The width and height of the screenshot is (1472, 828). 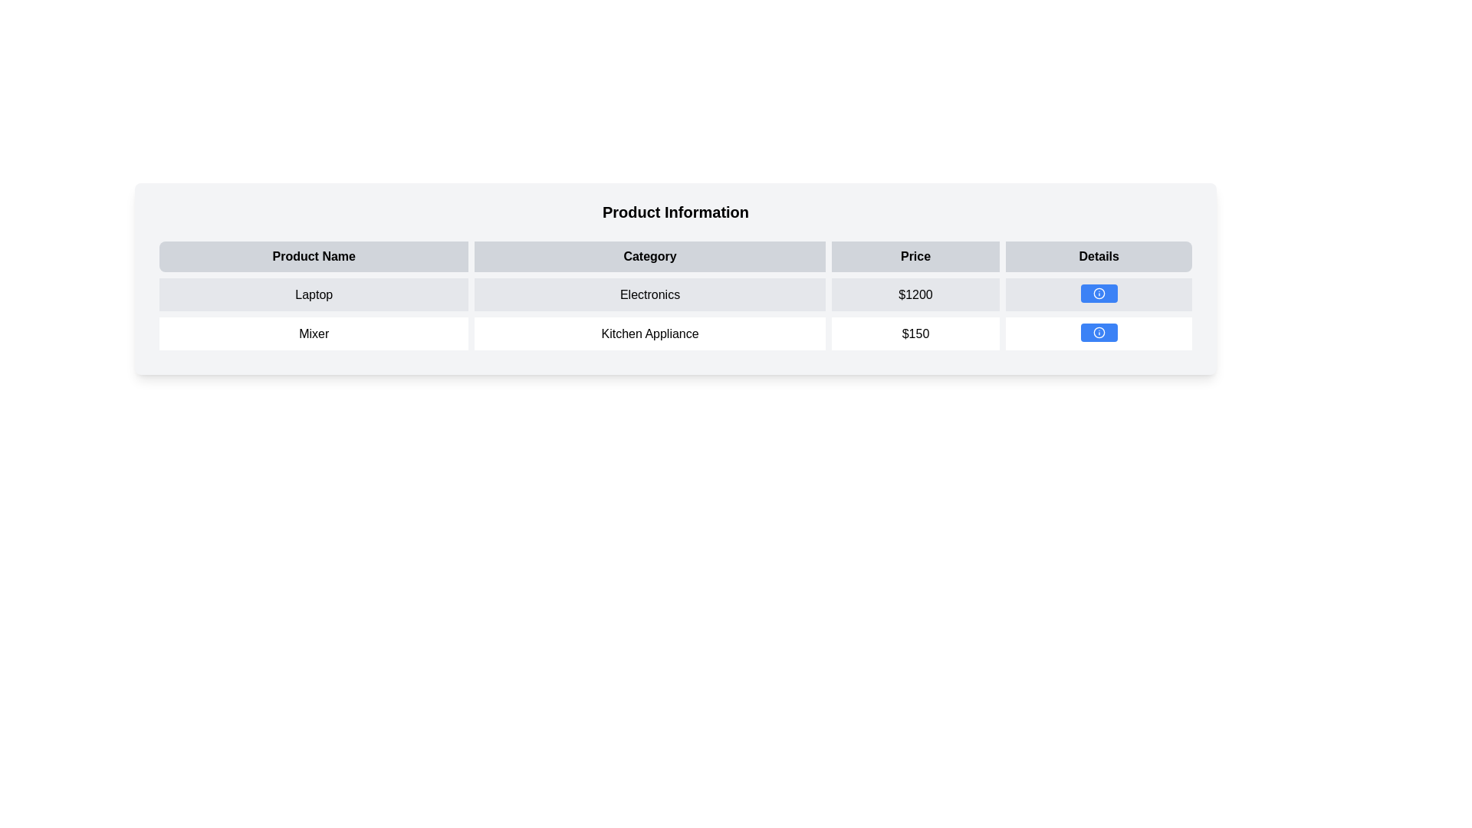 I want to click on the circular blue 'i' information icon located inside the button in the first row of the details column in the table, so click(x=1098, y=293).